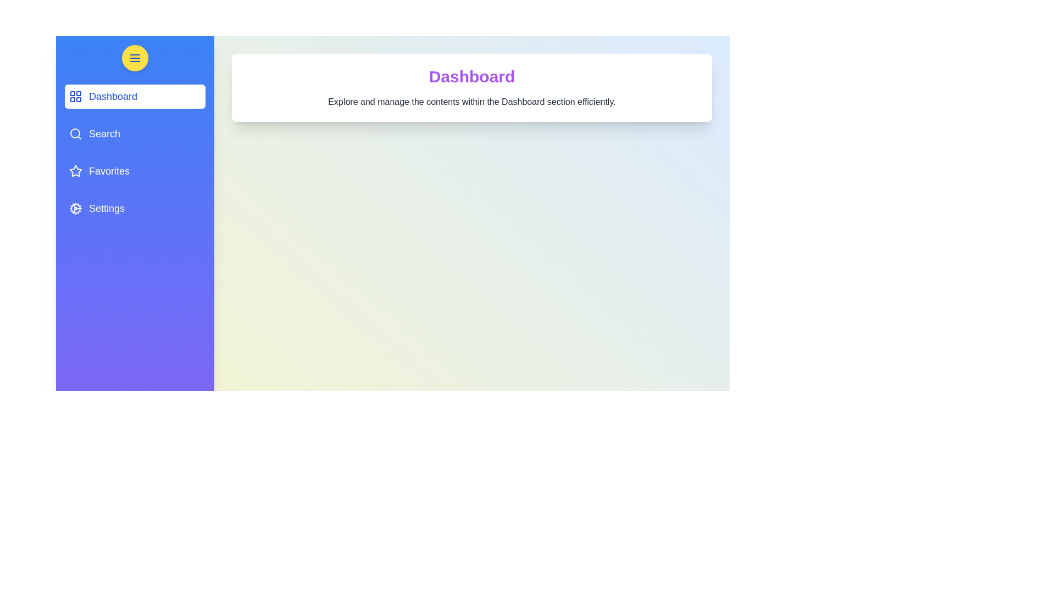  What do you see at coordinates (134, 171) in the screenshot?
I see `the navigation item labeled Favorites to view its hover effect` at bounding box center [134, 171].